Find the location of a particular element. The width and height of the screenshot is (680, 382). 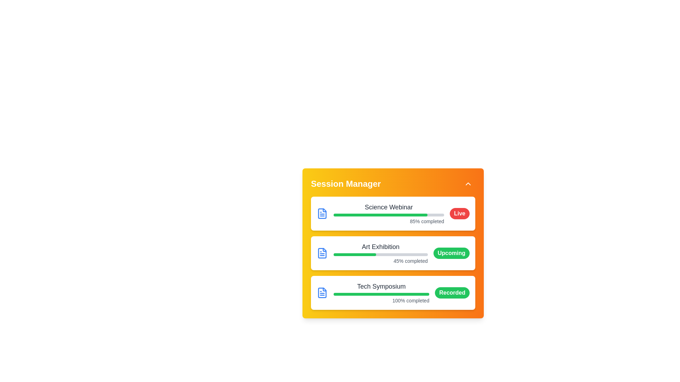

the 85%-filled green progress bar representing the completion status of the 'Science Webinar' event, located near the top of the 'Session Manager' panel is located at coordinates (380, 215).